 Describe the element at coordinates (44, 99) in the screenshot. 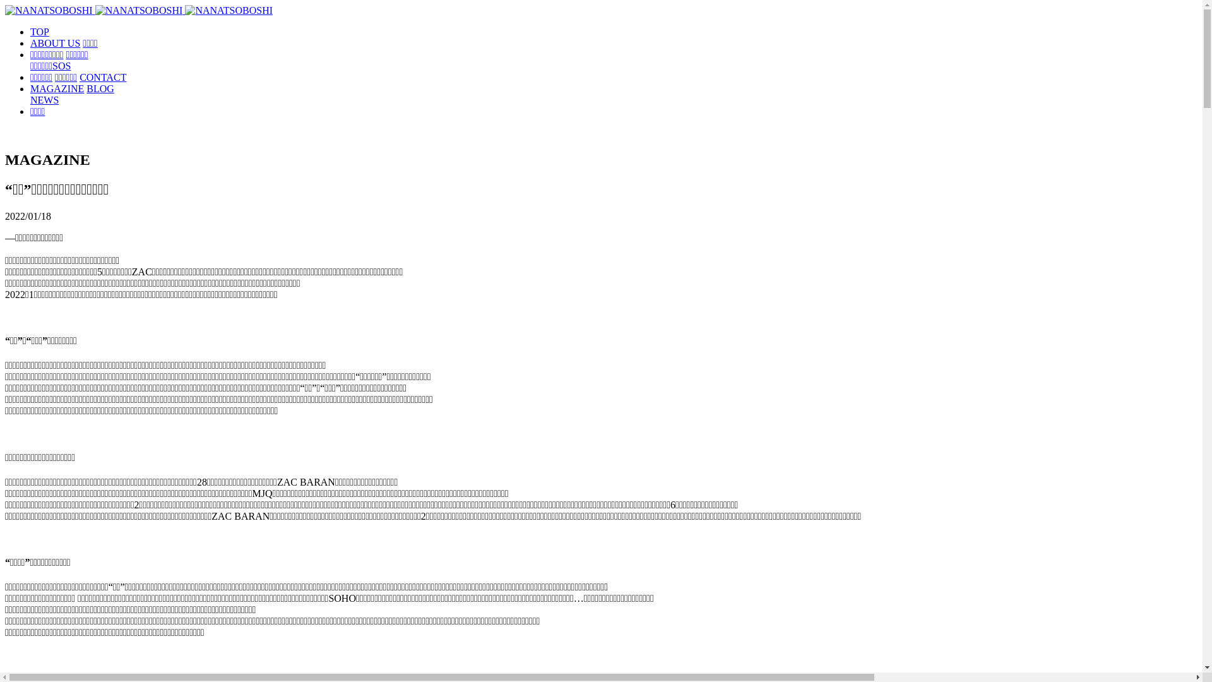

I see `'NEWS'` at that location.